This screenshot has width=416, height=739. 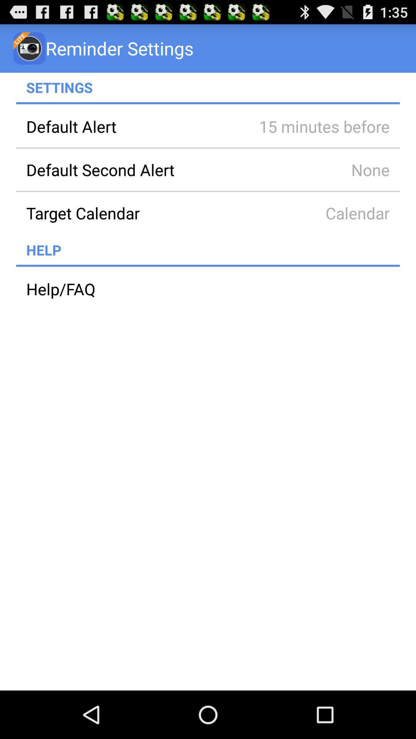 What do you see at coordinates (314, 169) in the screenshot?
I see `the icon below 15 minutes before icon` at bounding box center [314, 169].